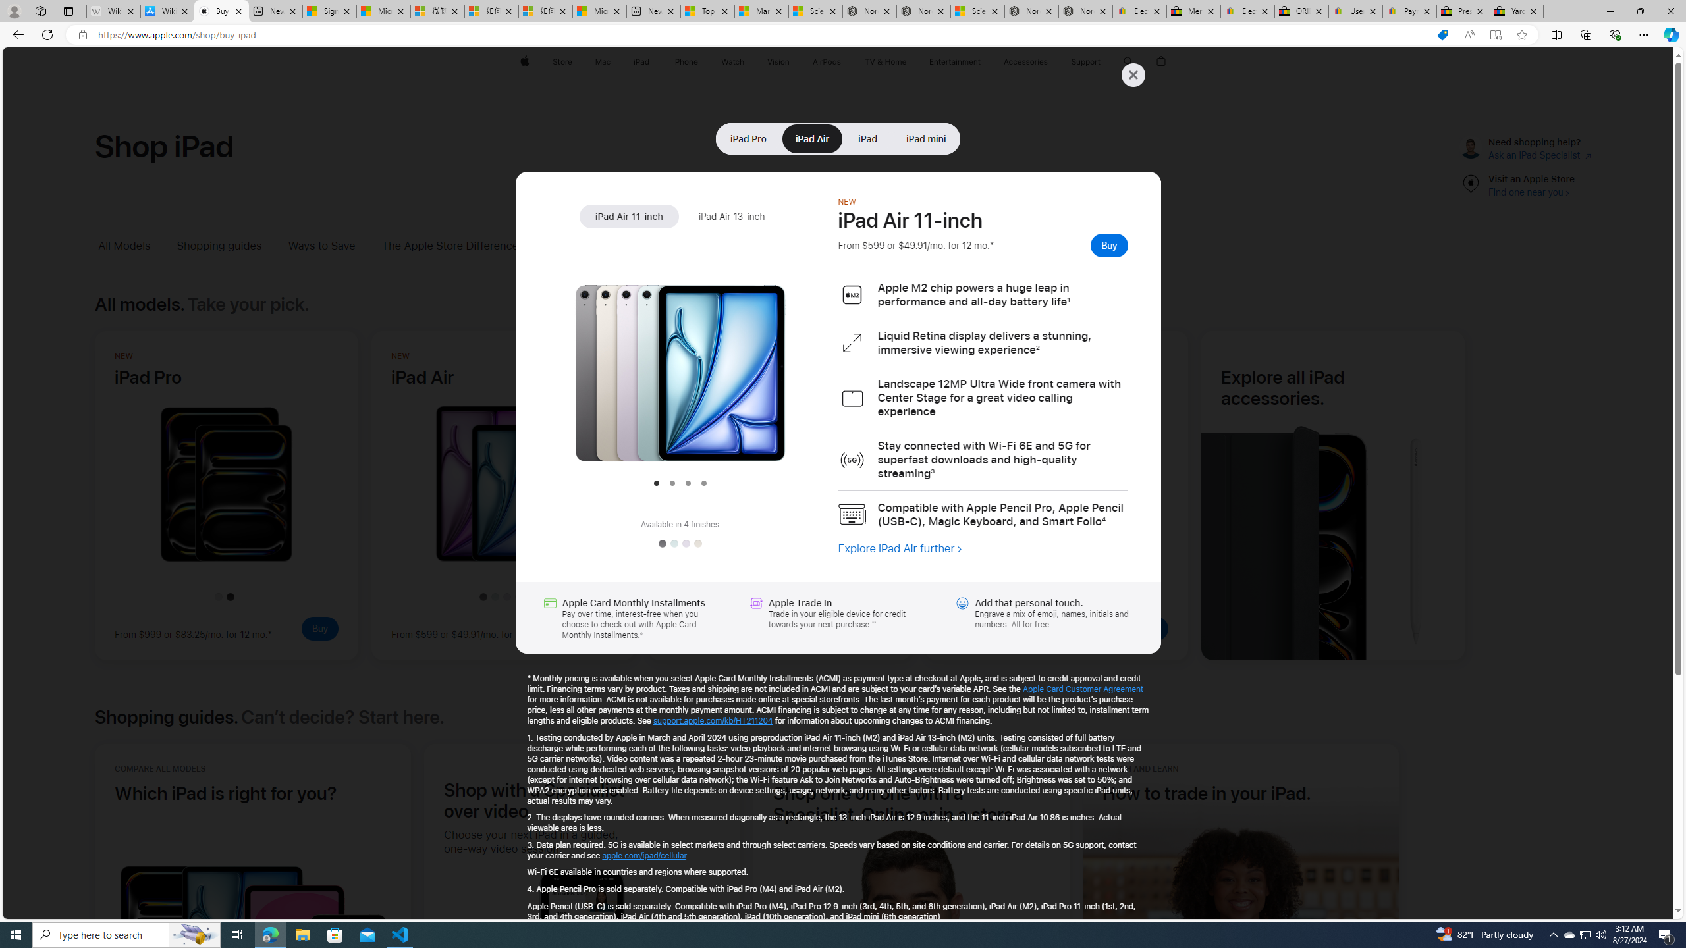 The image size is (1686, 948). Describe the element at coordinates (696, 544) in the screenshot. I see `'Starlight'` at that location.